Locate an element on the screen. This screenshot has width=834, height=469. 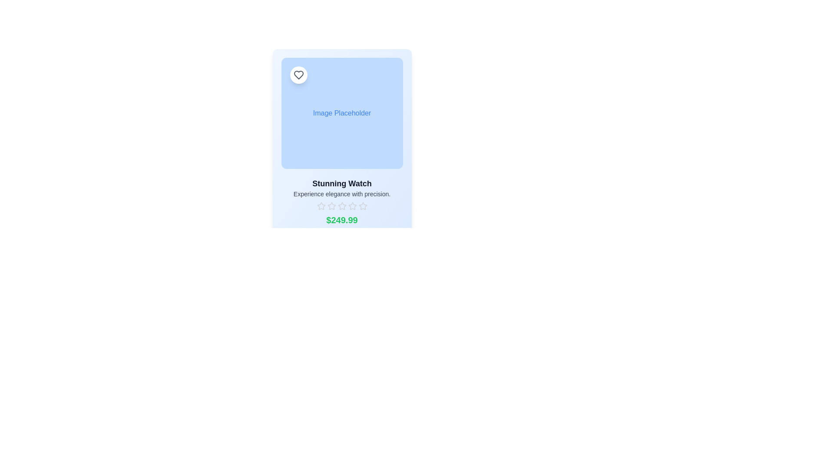
the first star-shaped icon in the rating system, which is gray with an outline design, located centrally in the lower section of the card is located at coordinates (321, 206).